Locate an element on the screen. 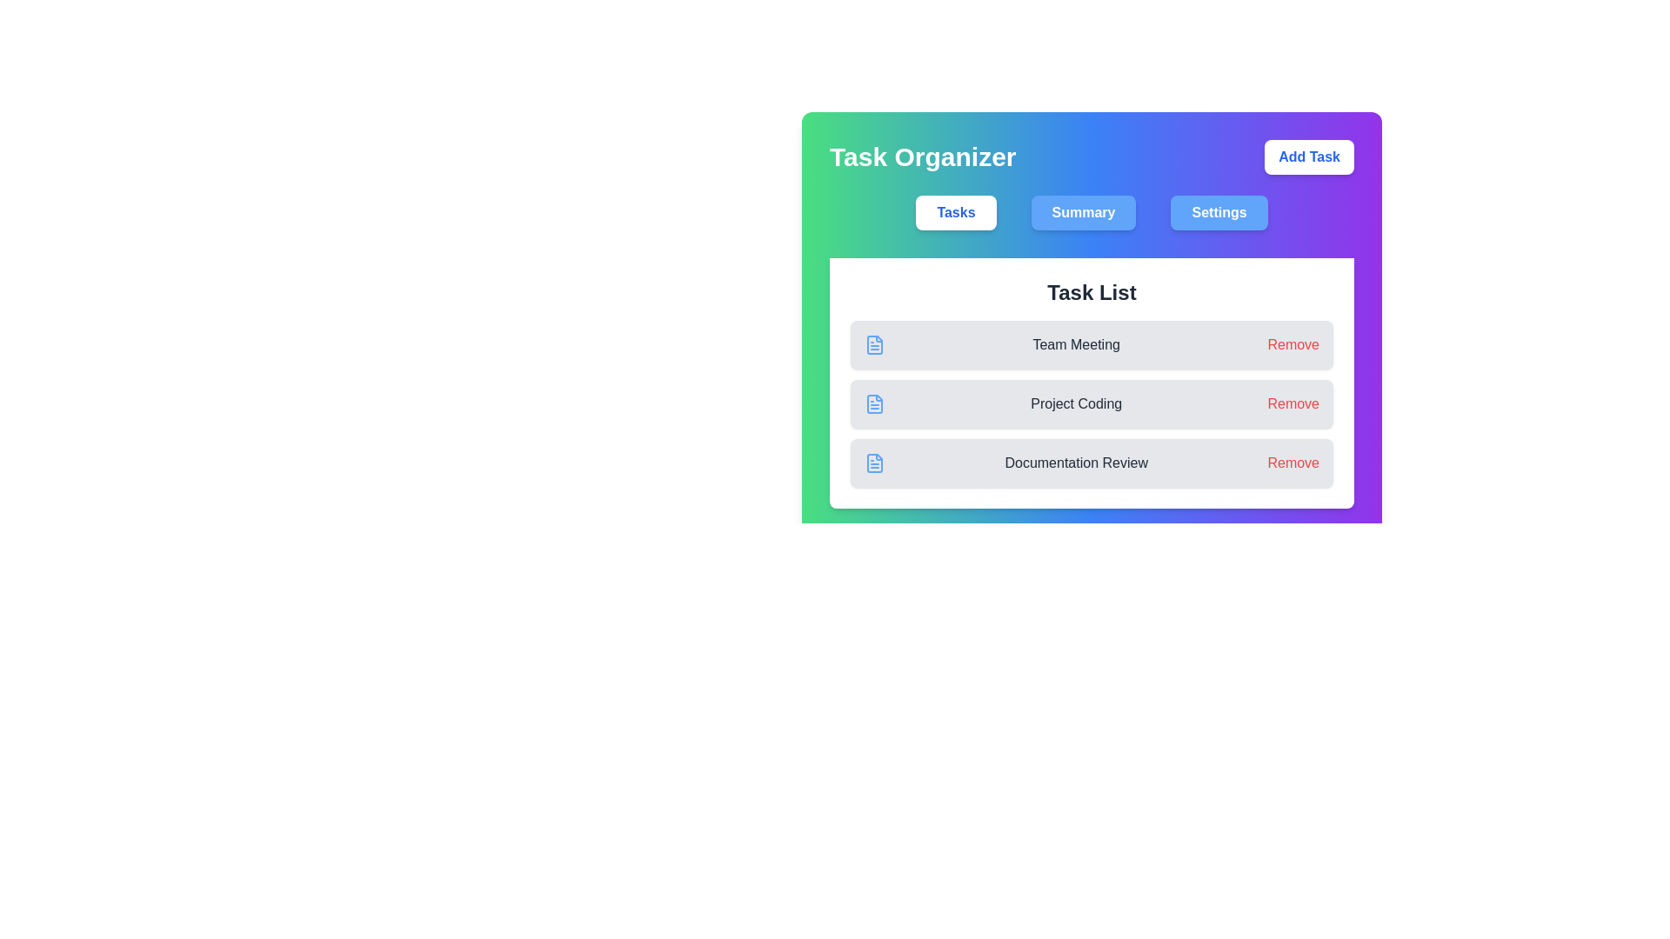 This screenshot has height=939, width=1670. the 'Summary' button, which is the second button in a row of three at the top of the interface is located at coordinates (1083, 212).